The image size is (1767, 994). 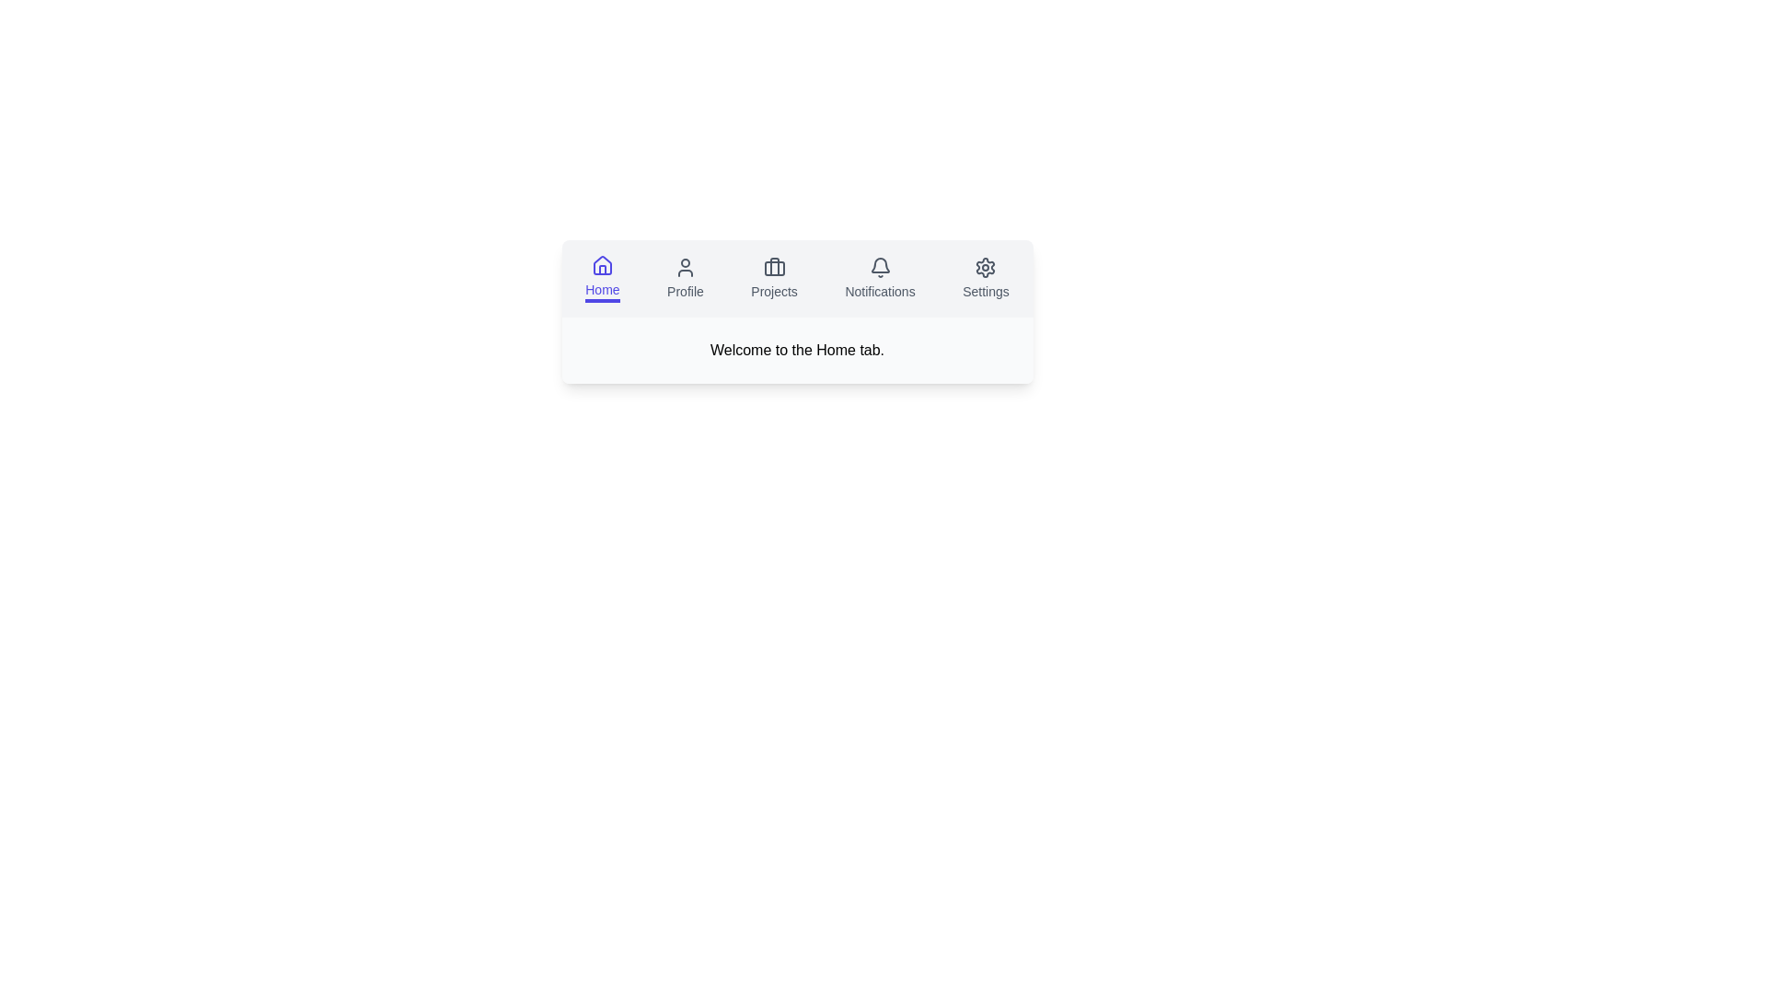 I want to click on the briefcase icon located in the Projects menu, so click(x=774, y=267).